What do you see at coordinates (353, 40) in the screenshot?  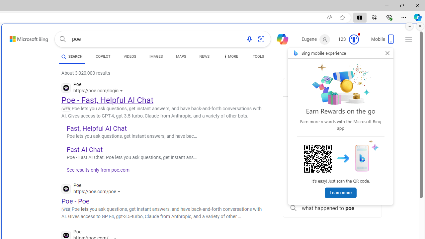 I see `'Class: medal-circled'` at bounding box center [353, 40].